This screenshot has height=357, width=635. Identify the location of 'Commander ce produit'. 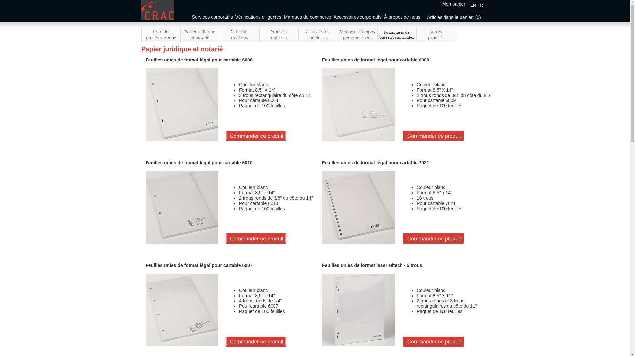
(255, 135).